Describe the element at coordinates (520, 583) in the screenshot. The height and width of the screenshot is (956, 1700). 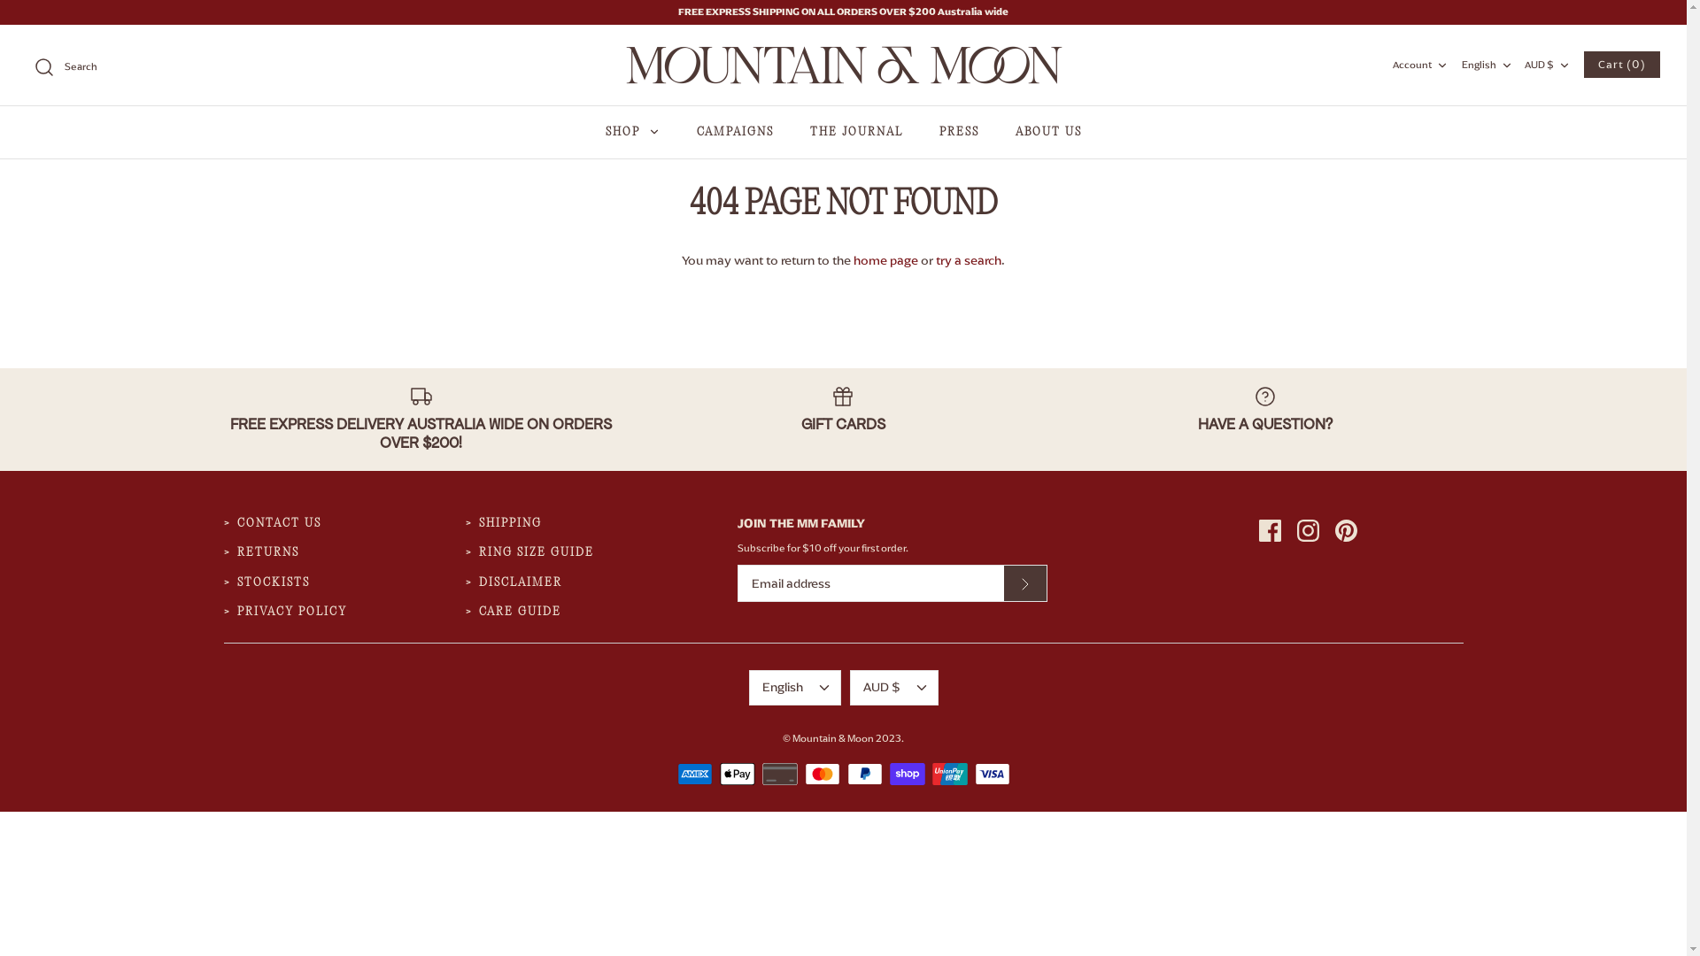
I see `'DISCLAIMER'` at that location.